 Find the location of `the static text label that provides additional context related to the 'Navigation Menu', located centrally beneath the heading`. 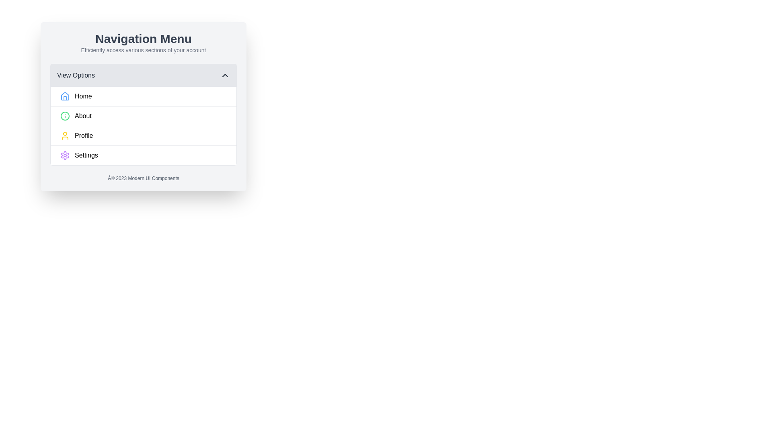

the static text label that provides additional context related to the 'Navigation Menu', located centrally beneath the heading is located at coordinates (143, 50).